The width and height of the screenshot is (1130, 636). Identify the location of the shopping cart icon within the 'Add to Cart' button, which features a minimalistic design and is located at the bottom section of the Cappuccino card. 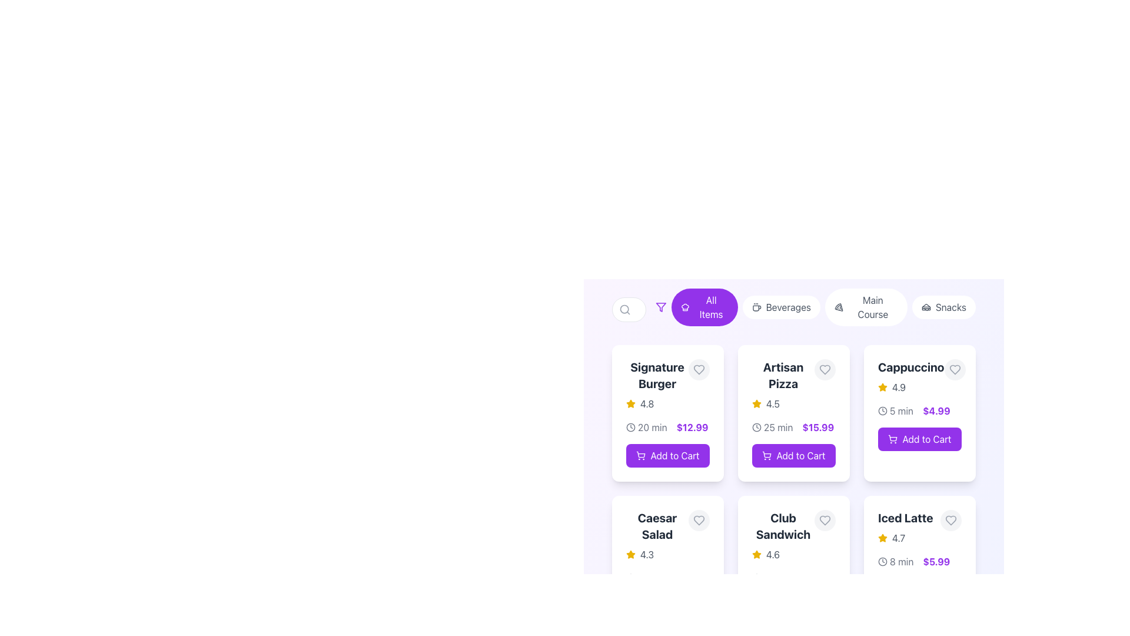
(893, 439).